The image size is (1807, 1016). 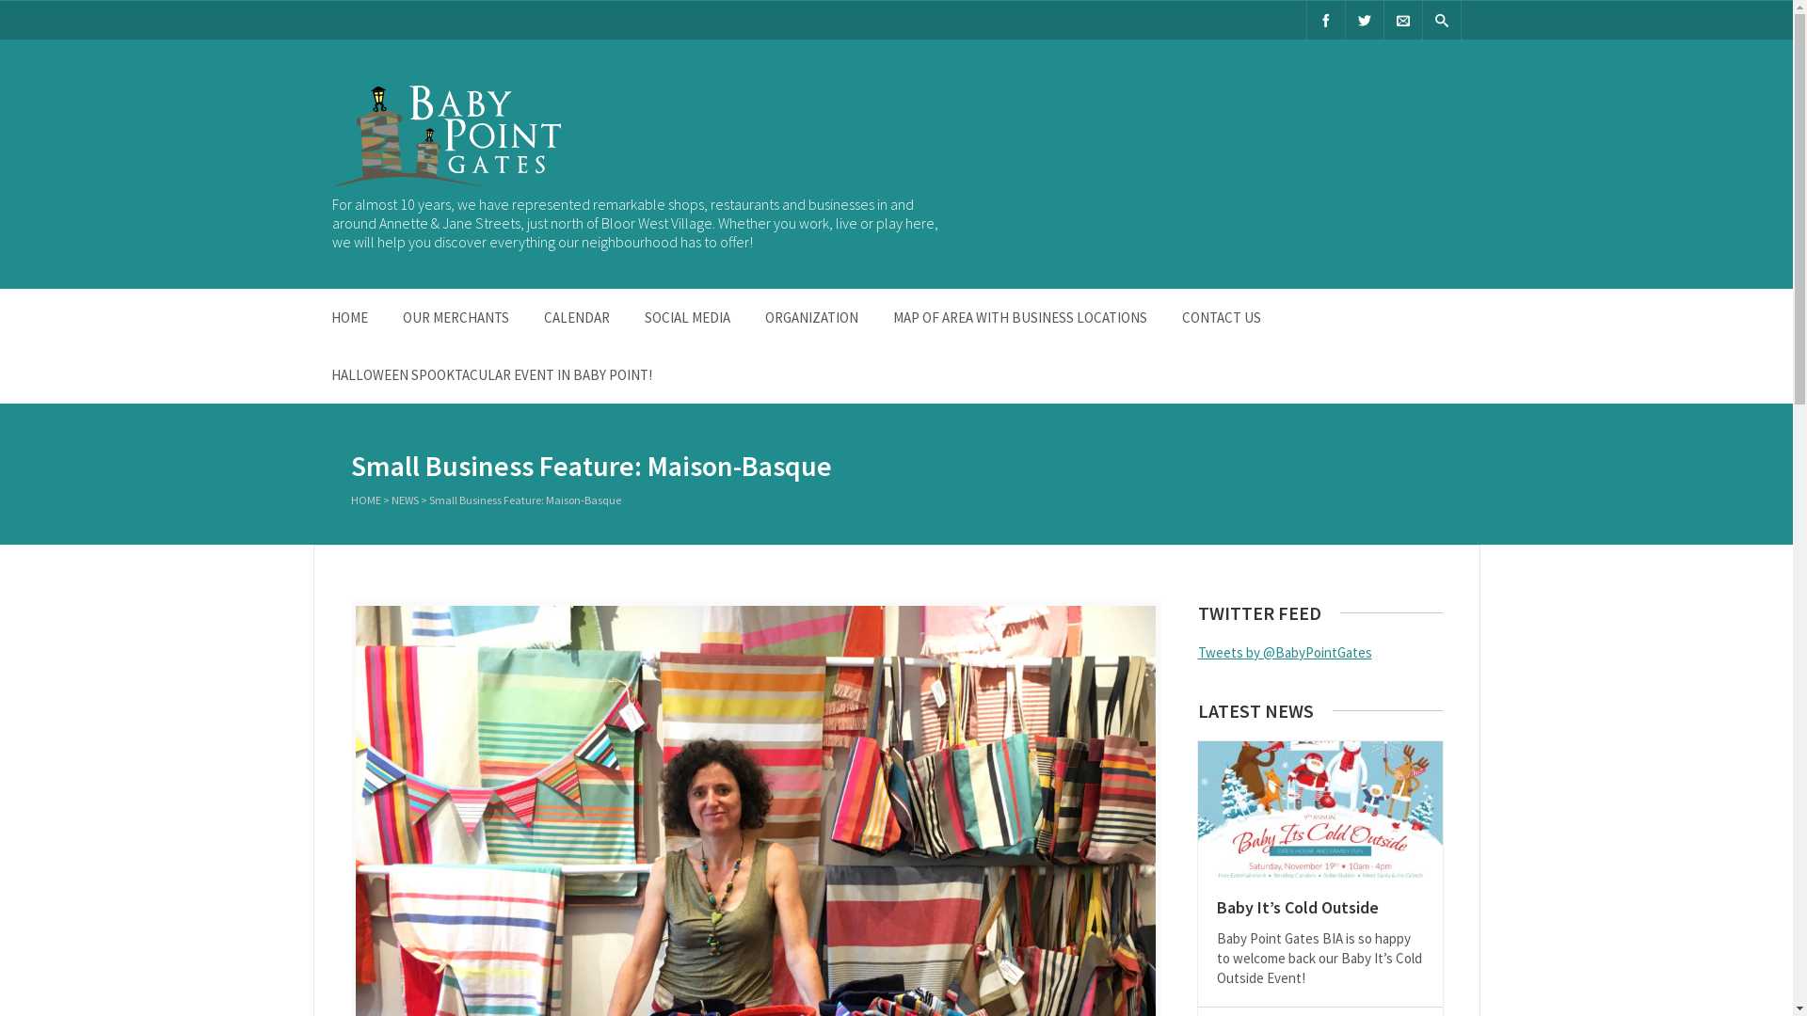 I want to click on 'Facebook', so click(x=1323, y=20).